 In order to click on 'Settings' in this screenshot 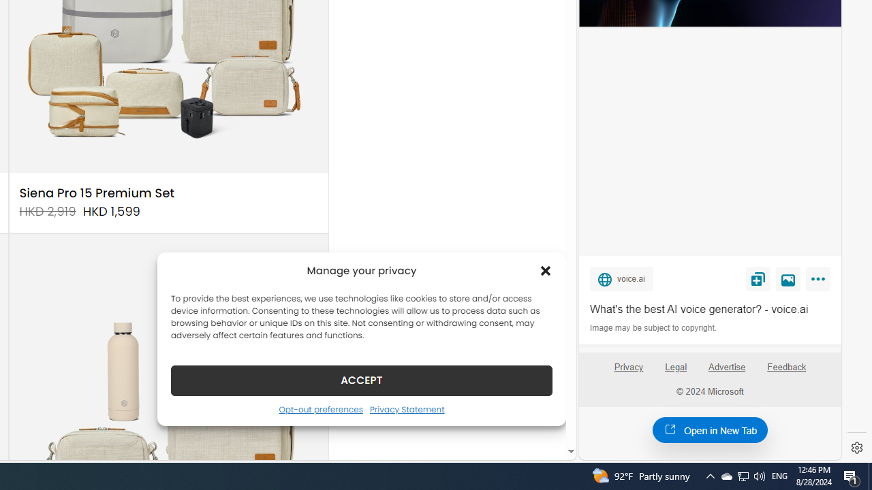, I will do `click(856, 448)`.